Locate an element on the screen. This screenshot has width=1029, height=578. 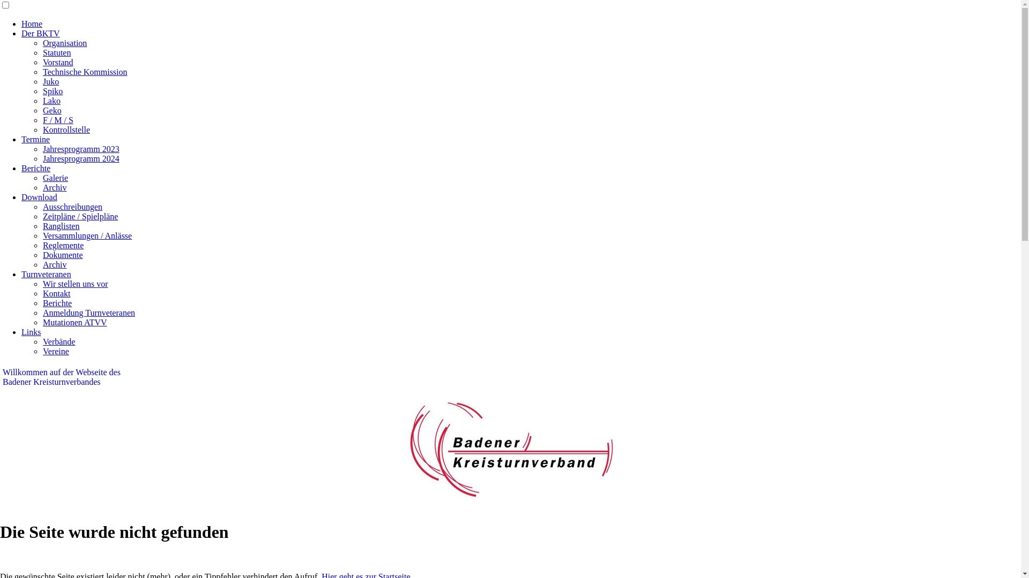
'Download' is located at coordinates (39, 197).